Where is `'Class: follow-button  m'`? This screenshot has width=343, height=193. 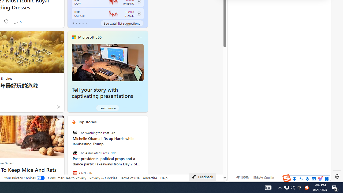
'Class: follow-button  m' is located at coordinates (139, 13).